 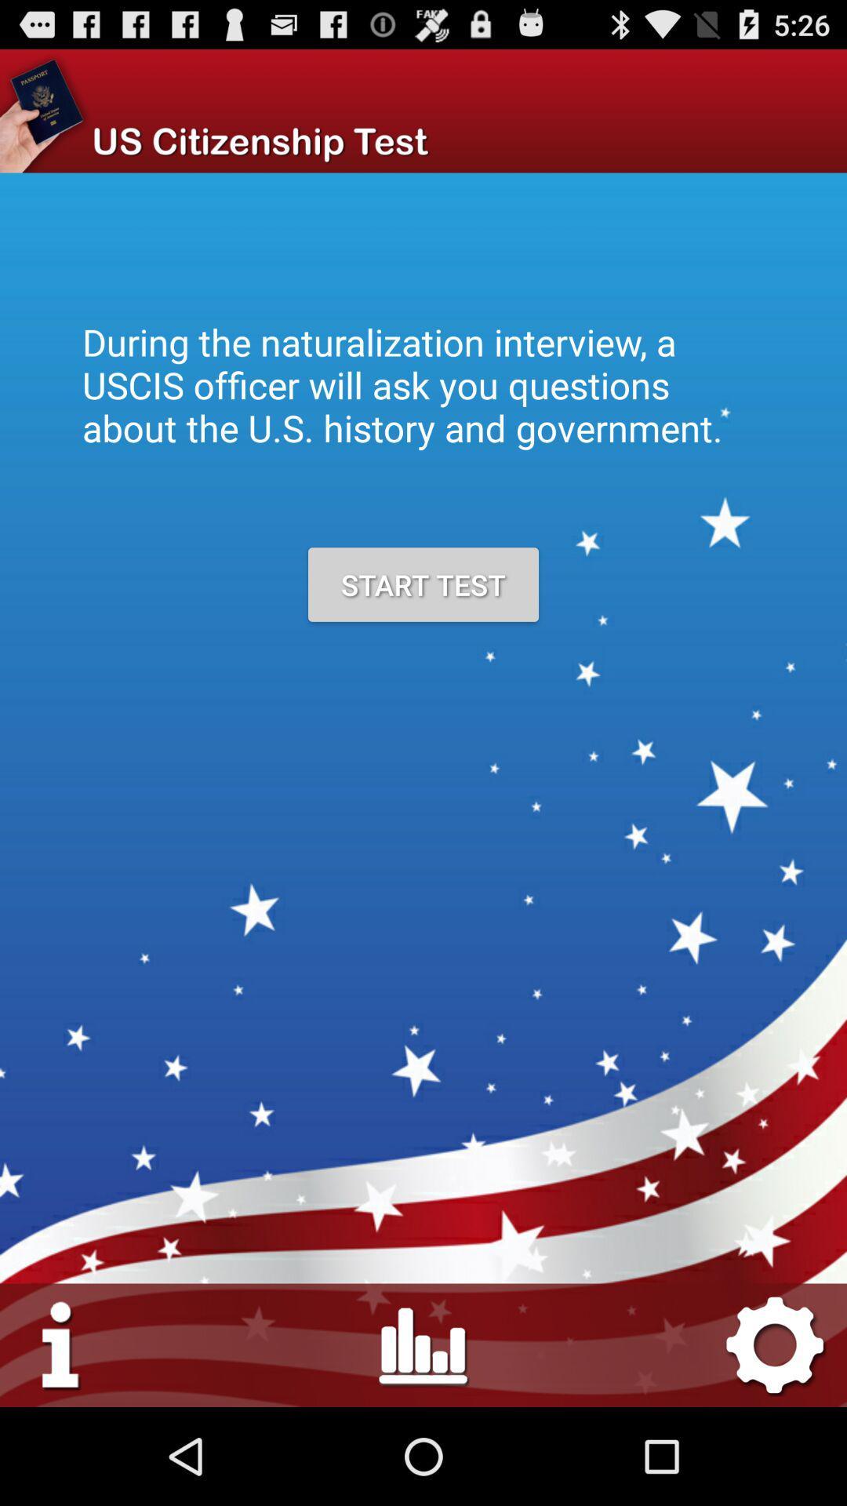 What do you see at coordinates (61, 1344) in the screenshot?
I see `settings` at bounding box center [61, 1344].